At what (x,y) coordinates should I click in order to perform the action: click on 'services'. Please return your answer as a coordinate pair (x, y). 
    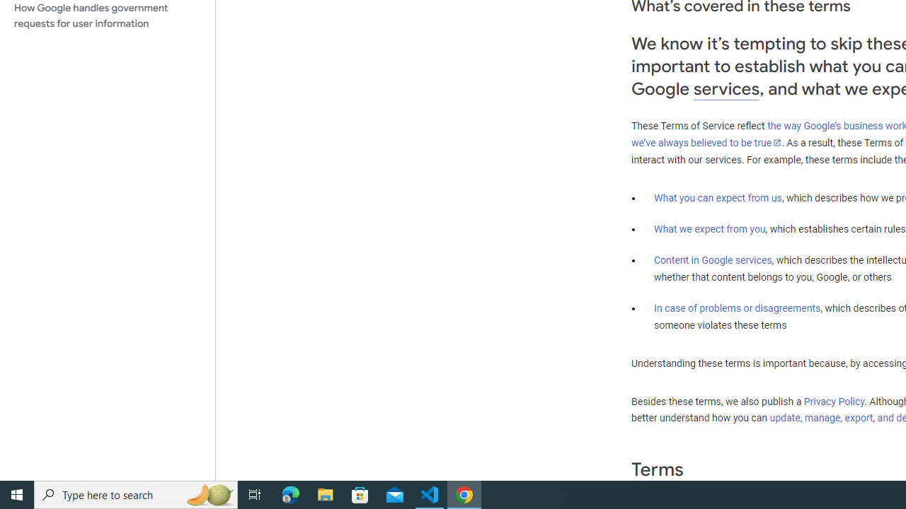
    Looking at the image, I should click on (726, 88).